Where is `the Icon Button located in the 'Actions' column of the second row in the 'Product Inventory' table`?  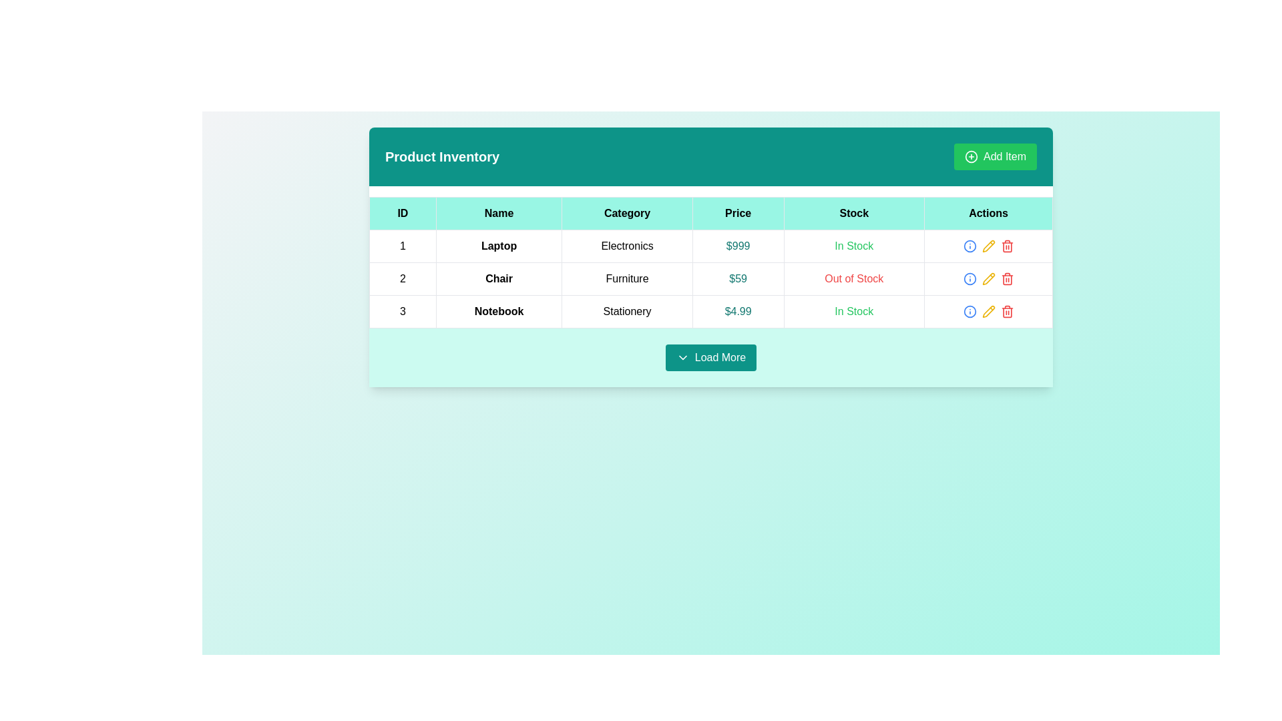
the Icon Button located in the 'Actions' column of the second row in the 'Product Inventory' table is located at coordinates (988, 278).